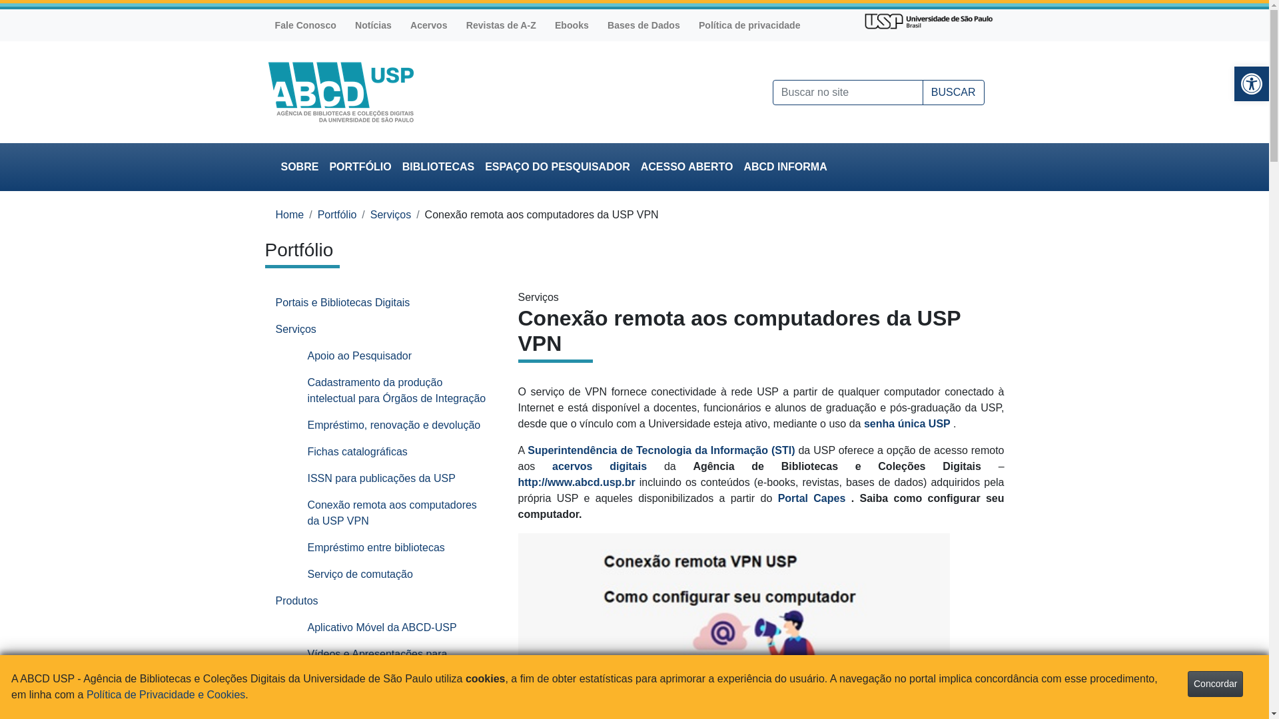  What do you see at coordinates (643, 25) in the screenshot?
I see `'Bases de Dados'` at bounding box center [643, 25].